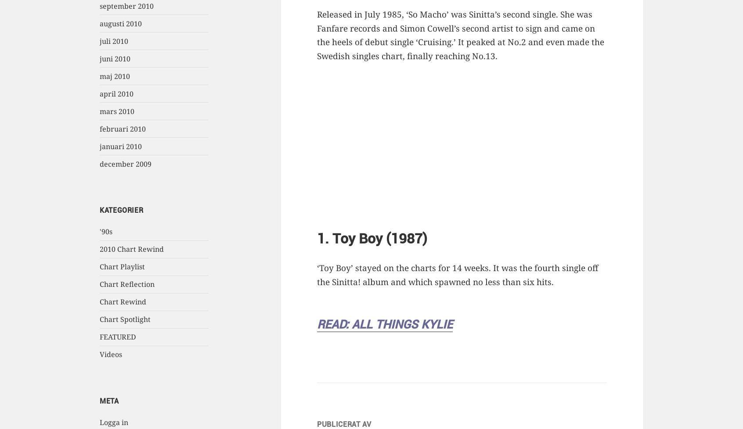  What do you see at coordinates (109, 400) in the screenshot?
I see `'Meta'` at bounding box center [109, 400].